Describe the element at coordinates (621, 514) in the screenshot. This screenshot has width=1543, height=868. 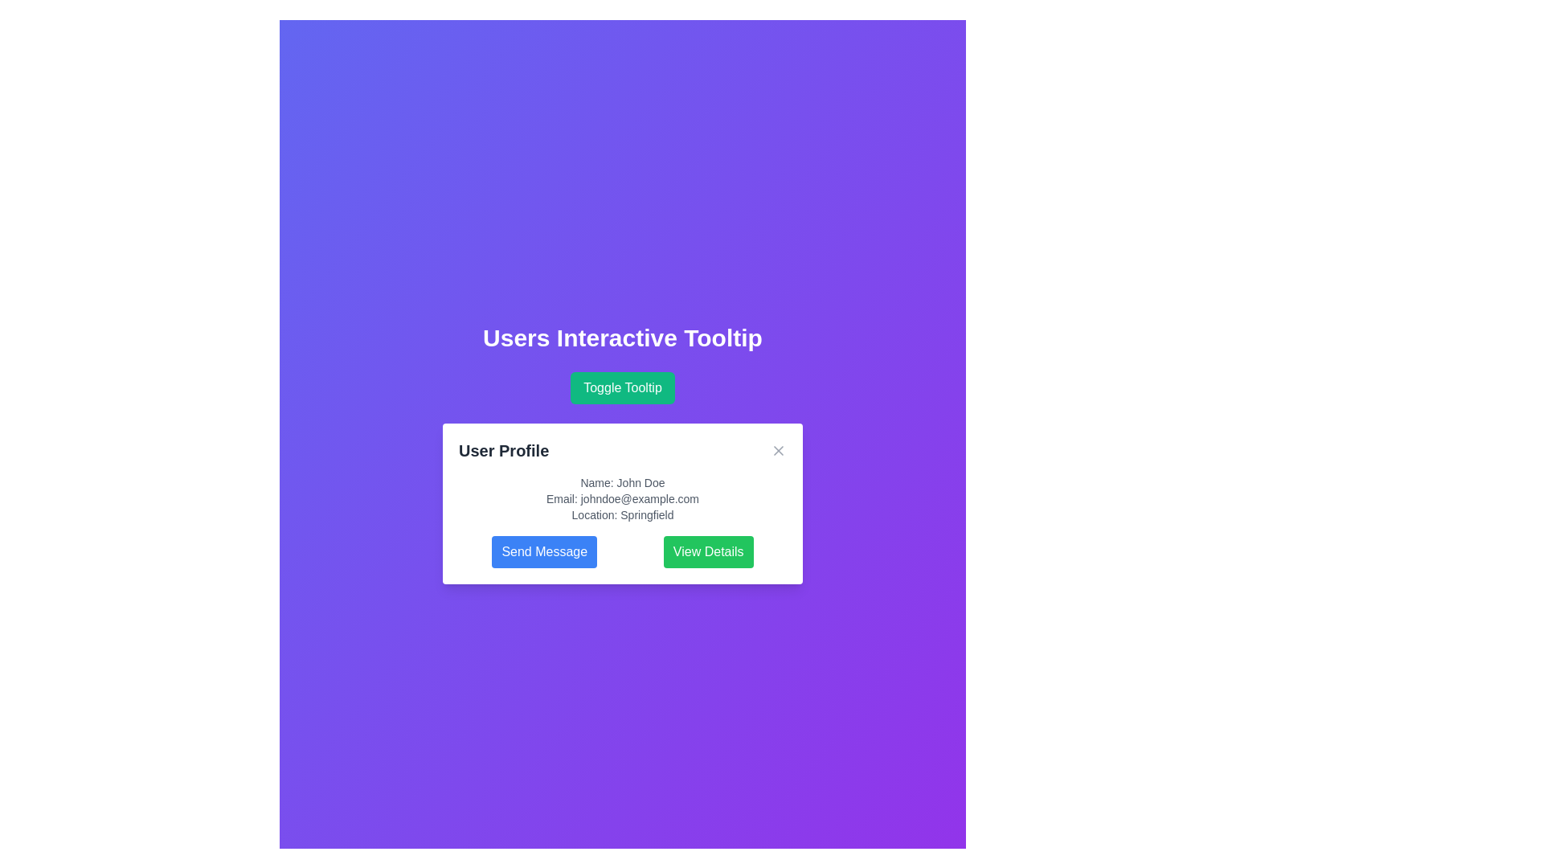
I see `the static text label displaying 'Location: Springfield', which is styled in a subtle gray font and positioned below the email address in the user profile card` at that location.